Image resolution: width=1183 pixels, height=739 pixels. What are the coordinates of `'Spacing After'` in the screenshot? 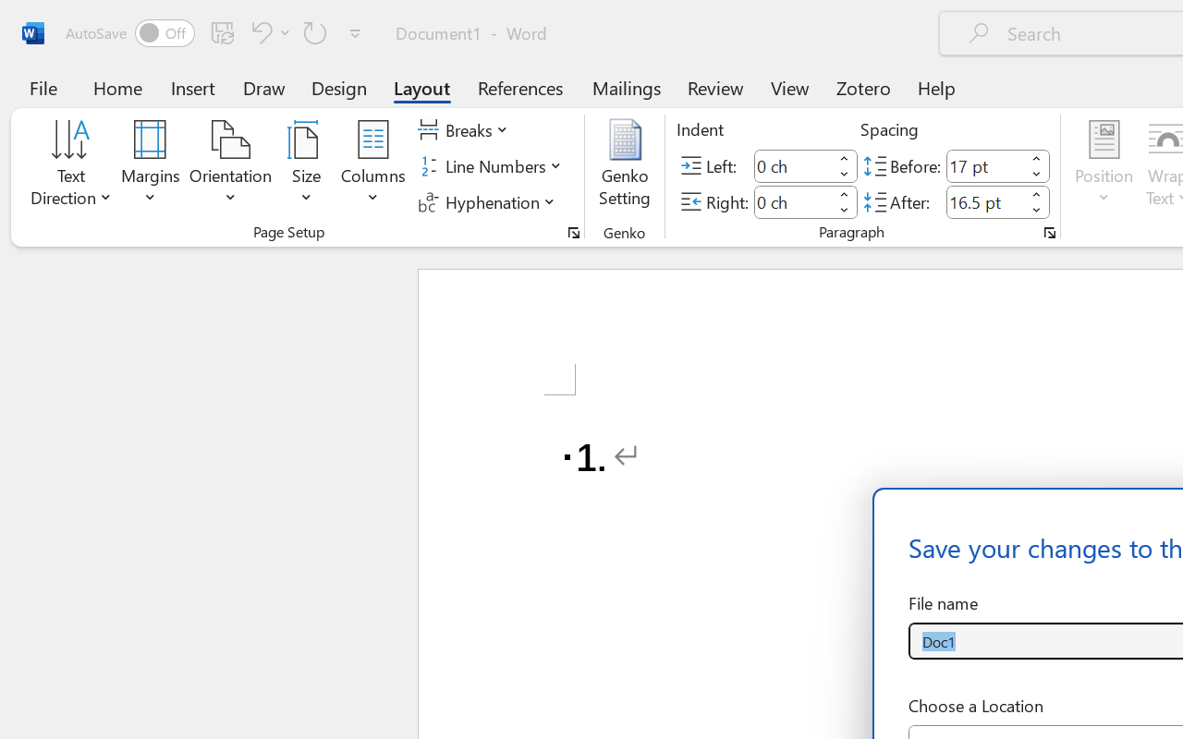 It's located at (984, 201).